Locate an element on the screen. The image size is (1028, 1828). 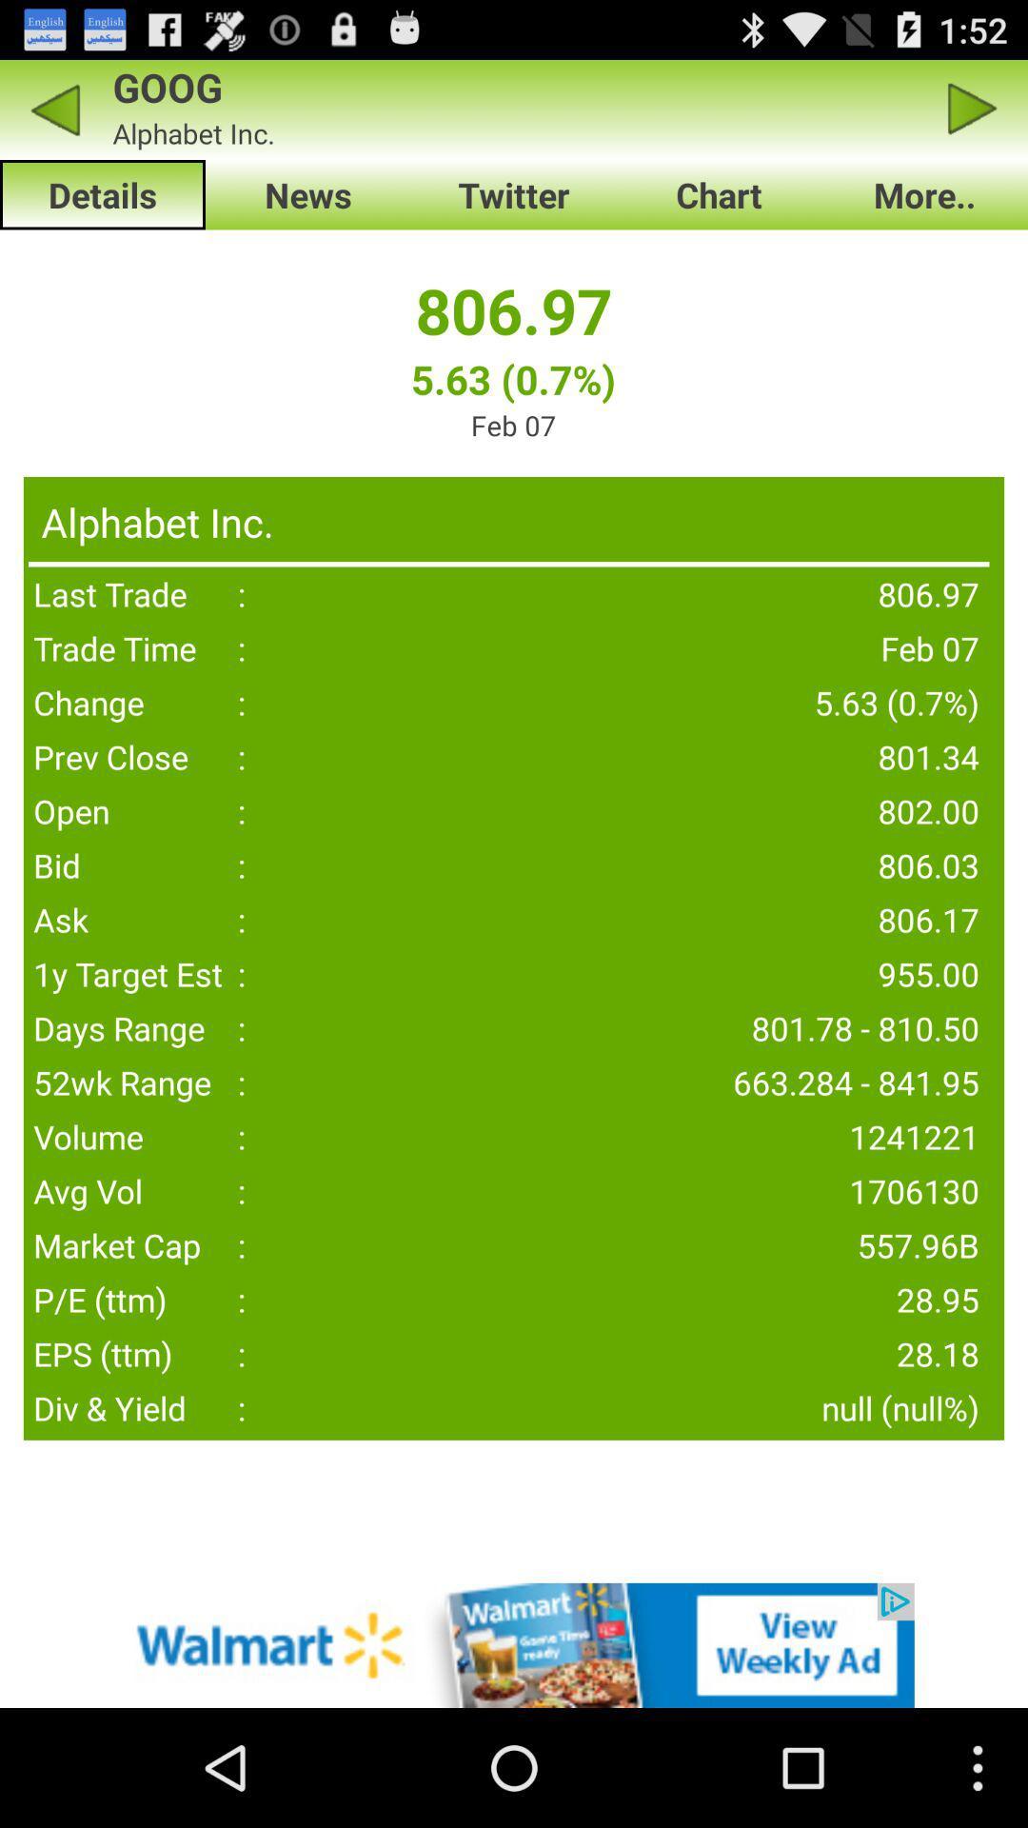
previous is located at coordinates (973, 109).